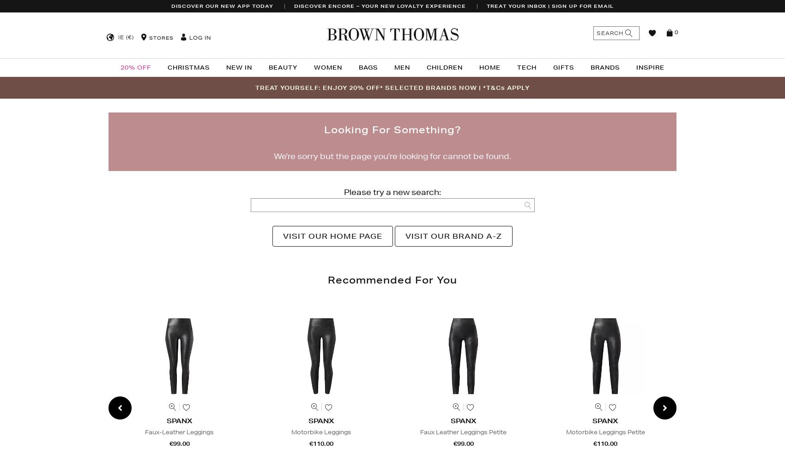 The height and width of the screenshot is (461, 785). Describe the element at coordinates (392, 87) in the screenshot. I see `'TREAT YOURSELF: ENJOY 20% OFF* SELECTED BRANDS NOW | *T&Cs APPLY'` at that location.